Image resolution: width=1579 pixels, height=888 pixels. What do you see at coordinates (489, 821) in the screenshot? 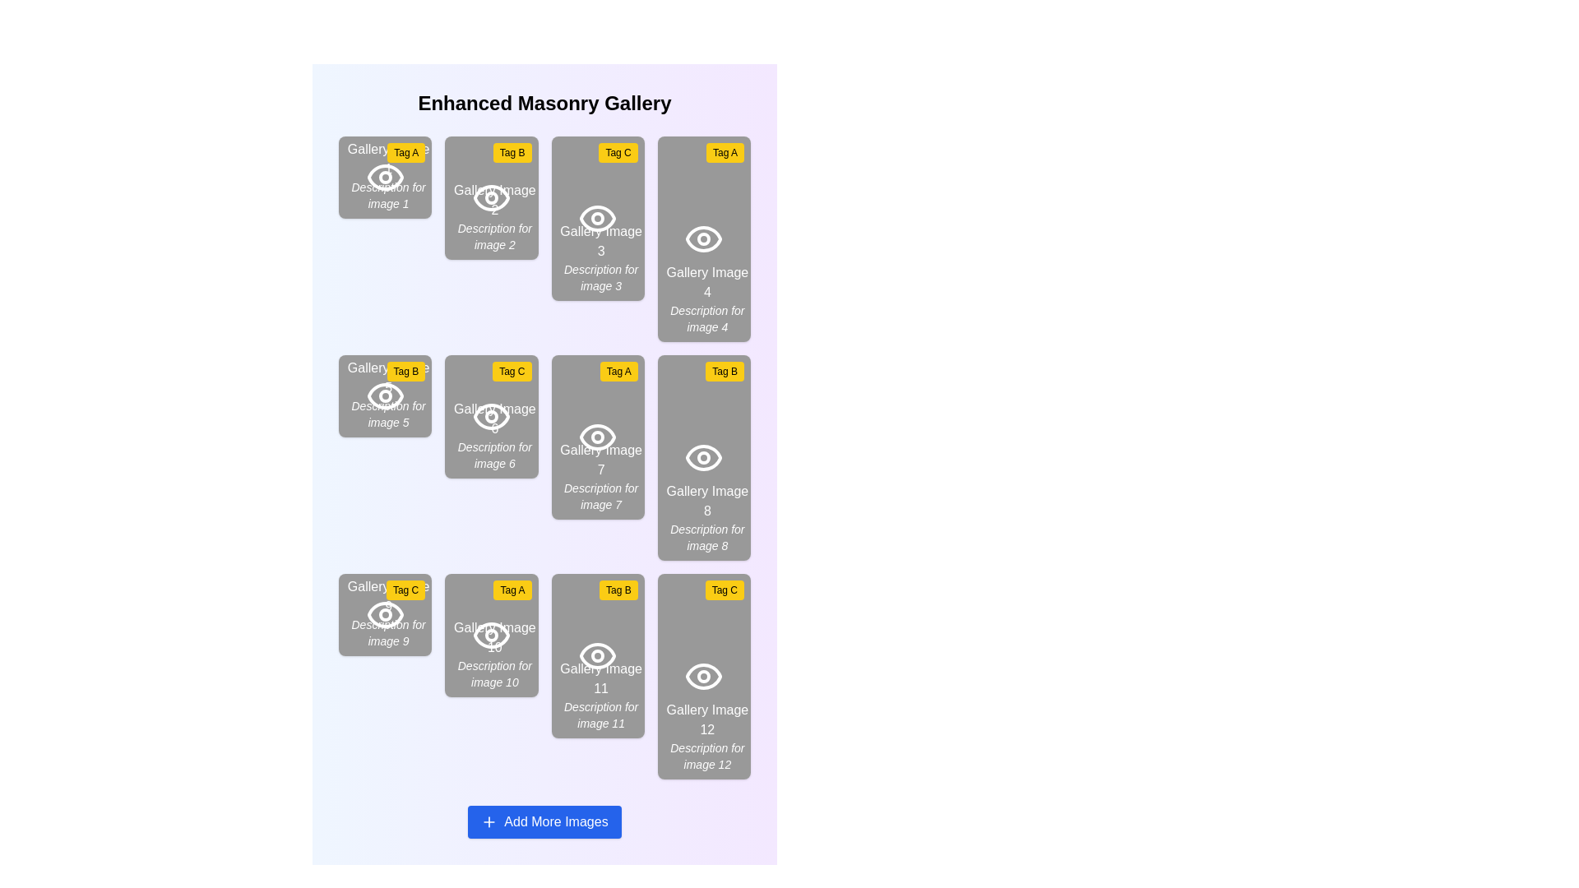
I see `the plus icon located at the leftmost part of the 'Add More Images' button, which features two intersecting lines forming a cross` at bounding box center [489, 821].